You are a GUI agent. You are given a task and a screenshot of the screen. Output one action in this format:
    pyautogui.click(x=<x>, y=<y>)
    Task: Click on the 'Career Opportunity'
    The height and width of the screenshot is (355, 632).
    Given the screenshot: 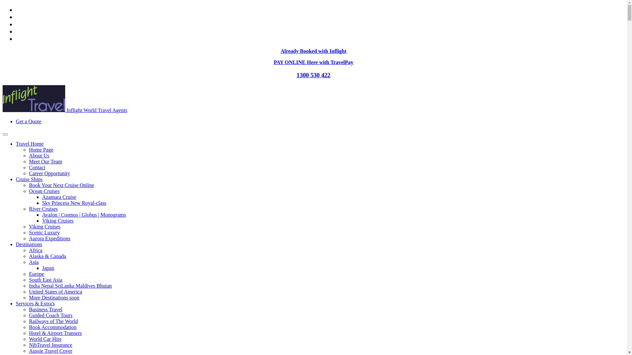 What is the action you would take?
    pyautogui.click(x=49, y=173)
    